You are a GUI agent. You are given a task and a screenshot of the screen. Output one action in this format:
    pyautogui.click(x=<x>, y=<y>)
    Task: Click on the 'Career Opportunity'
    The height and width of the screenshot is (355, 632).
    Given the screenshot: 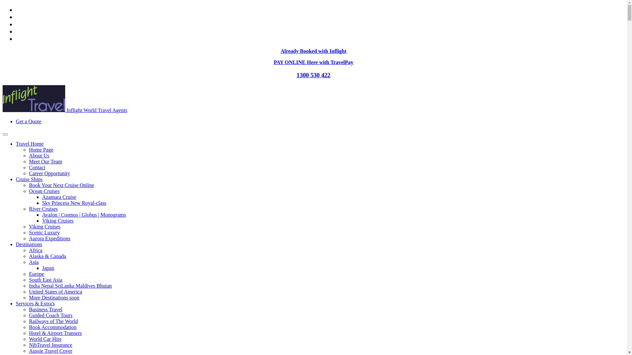 What is the action you would take?
    pyautogui.click(x=49, y=173)
    